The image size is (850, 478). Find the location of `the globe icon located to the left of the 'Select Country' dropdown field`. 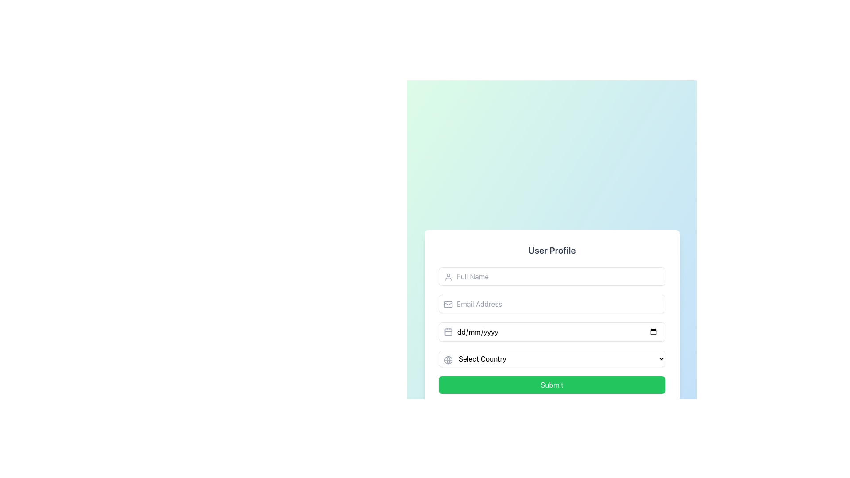

the globe icon located to the left of the 'Select Country' dropdown field is located at coordinates (448, 360).